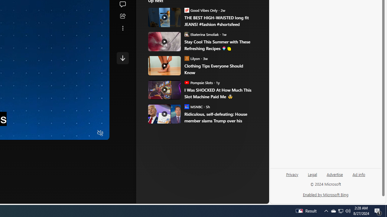  Describe the element at coordinates (88, 133) in the screenshot. I see `'Fullscreen'` at that location.